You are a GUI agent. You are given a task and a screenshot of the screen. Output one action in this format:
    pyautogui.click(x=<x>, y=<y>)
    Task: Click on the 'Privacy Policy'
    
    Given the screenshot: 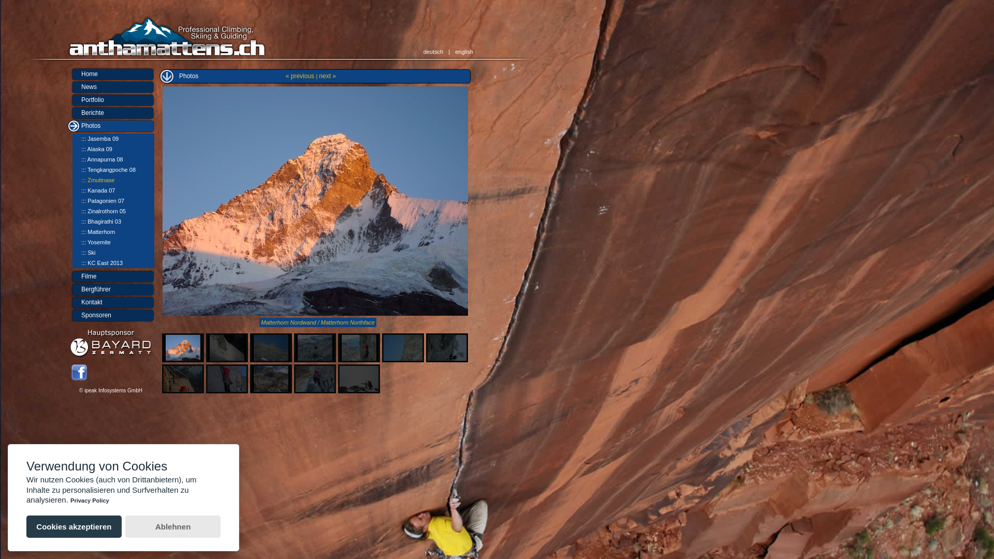 What is the action you would take?
    pyautogui.click(x=90, y=500)
    